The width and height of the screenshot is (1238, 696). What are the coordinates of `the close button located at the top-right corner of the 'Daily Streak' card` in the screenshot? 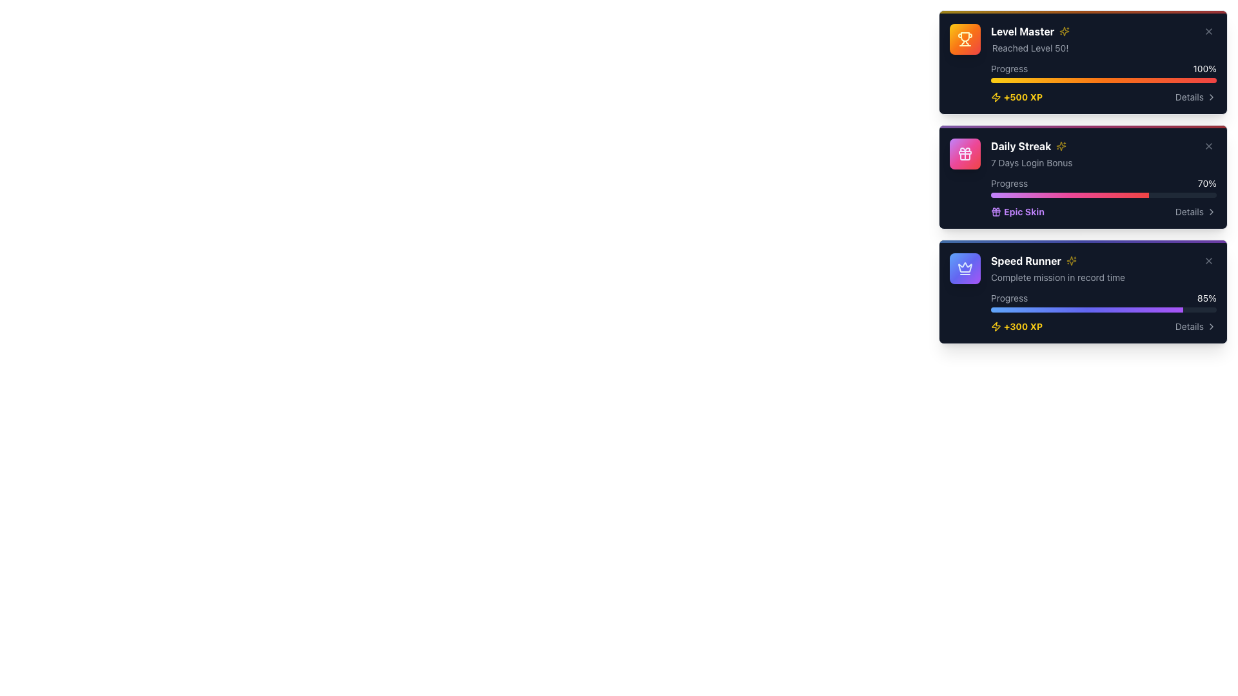 It's located at (1208, 146).